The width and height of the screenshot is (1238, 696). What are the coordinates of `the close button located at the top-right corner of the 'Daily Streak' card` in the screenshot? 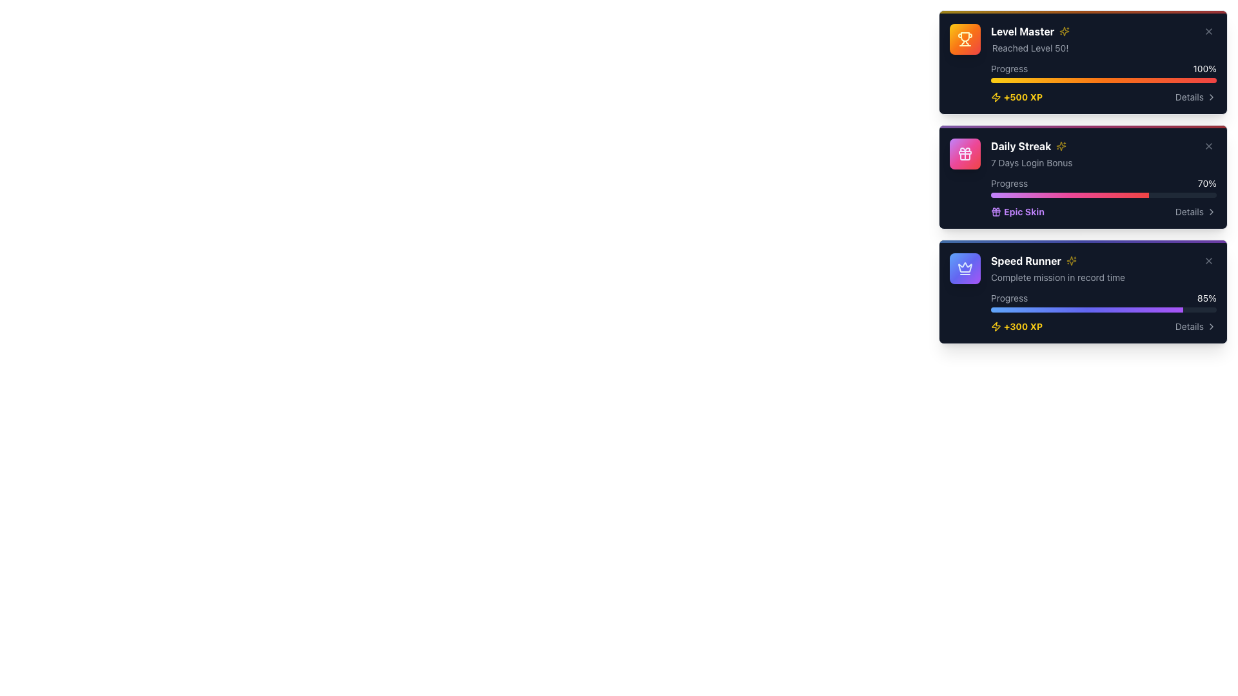 It's located at (1208, 146).